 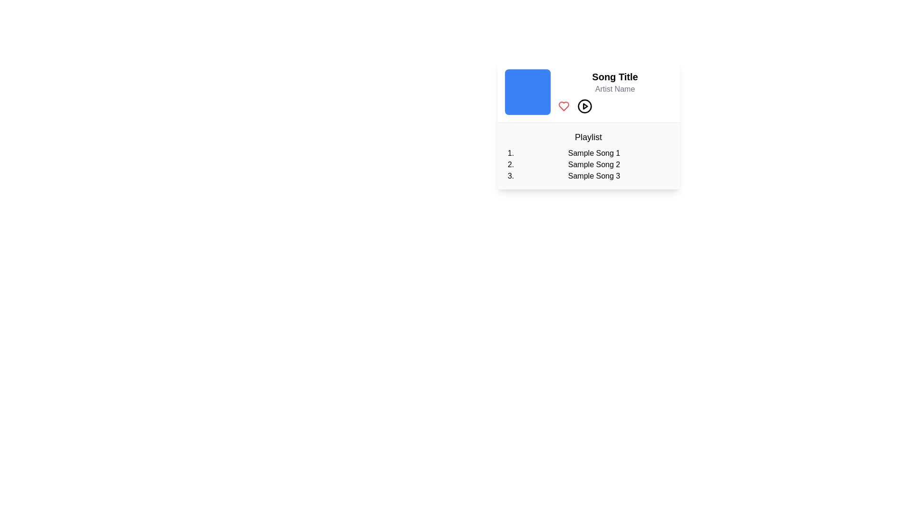 What do you see at coordinates (593, 164) in the screenshot?
I see `the second item in the decimal list of songs titled 'Sample Song 2' to unveil more options or details` at bounding box center [593, 164].